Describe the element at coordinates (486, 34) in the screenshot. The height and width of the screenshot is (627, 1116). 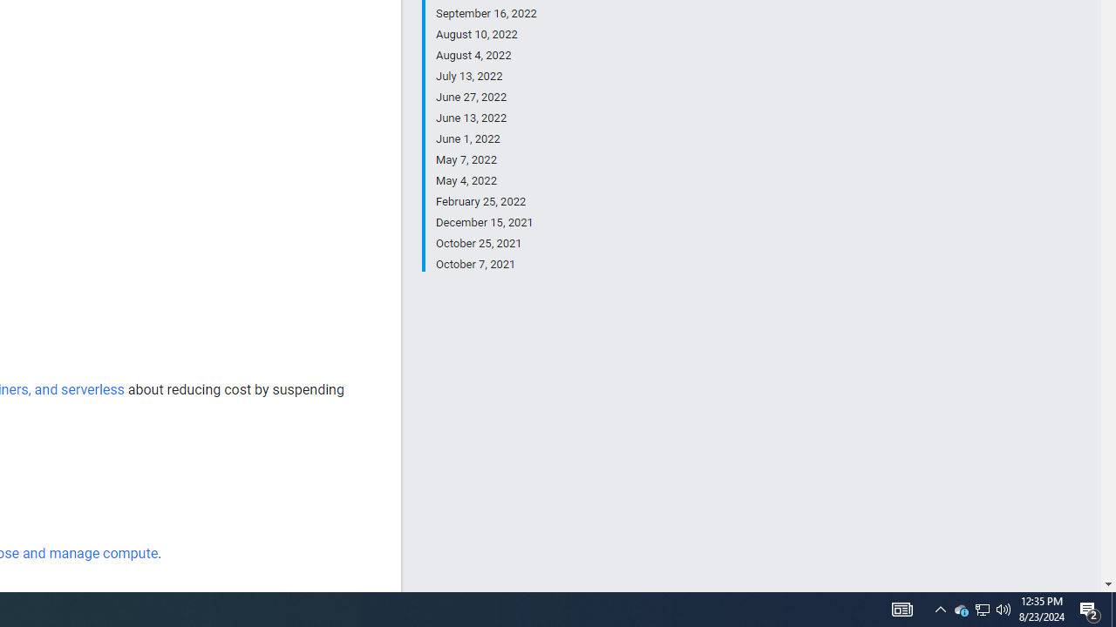
I see `'August 10, 2022'` at that location.